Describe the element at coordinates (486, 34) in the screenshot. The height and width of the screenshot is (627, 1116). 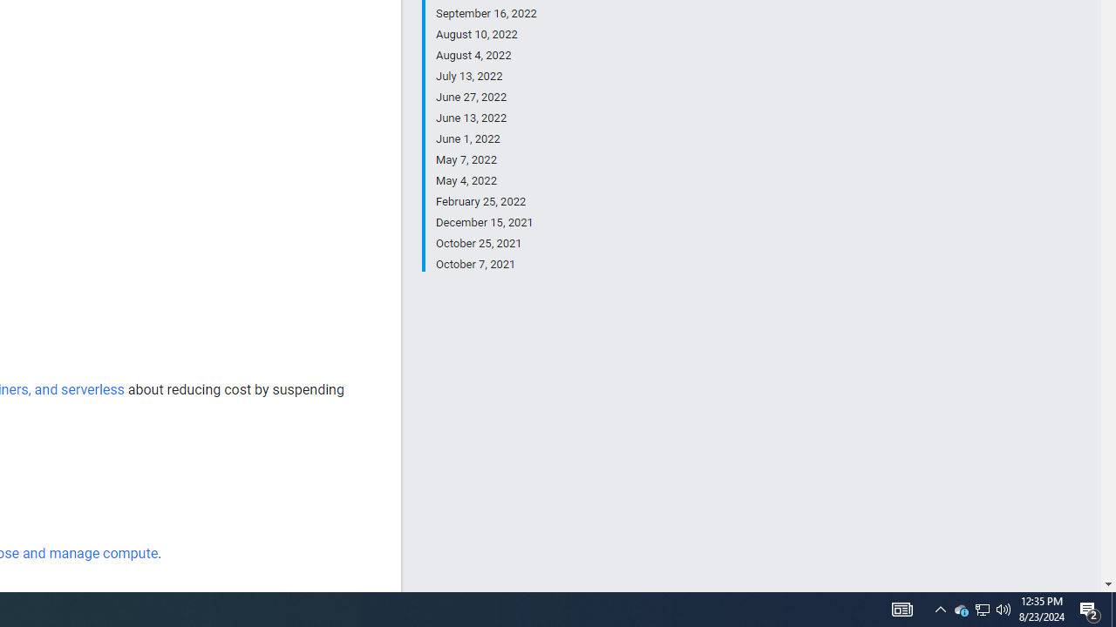
I see `'August 10, 2022'` at that location.